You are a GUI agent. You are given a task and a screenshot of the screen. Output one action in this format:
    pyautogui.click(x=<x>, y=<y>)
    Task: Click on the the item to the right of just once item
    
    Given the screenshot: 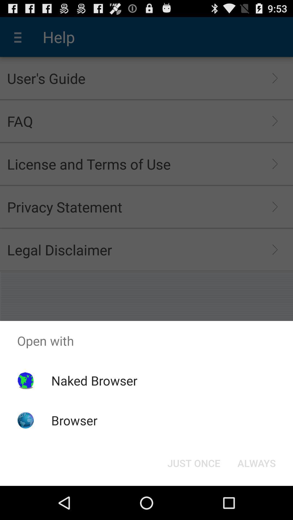 What is the action you would take?
    pyautogui.click(x=256, y=463)
    